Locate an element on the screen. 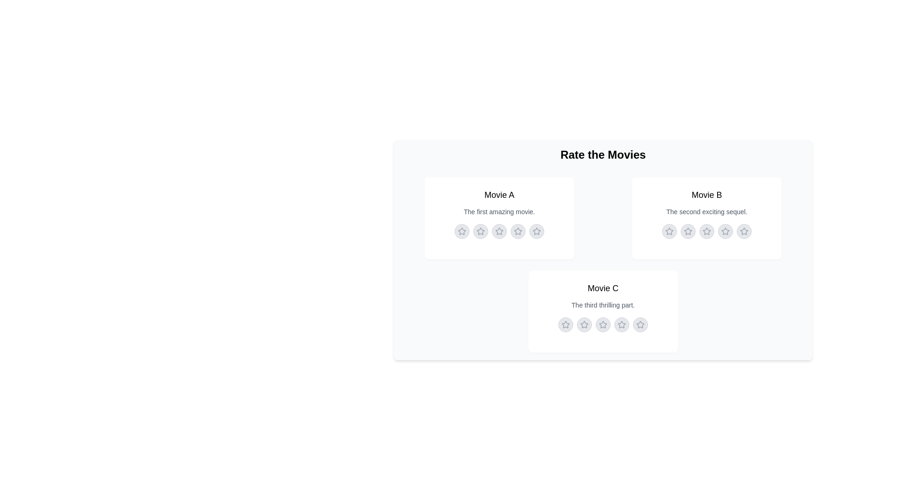 The height and width of the screenshot is (504, 897). the fifth rating star icon in the series of five stars under the text 'Movie B' is located at coordinates (744, 231).